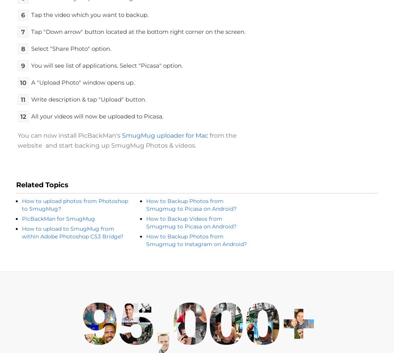  I want to click on 'How to upload to SmugMug from within Adobe Photoshop CS3 Bridge?', so click(22, 232).